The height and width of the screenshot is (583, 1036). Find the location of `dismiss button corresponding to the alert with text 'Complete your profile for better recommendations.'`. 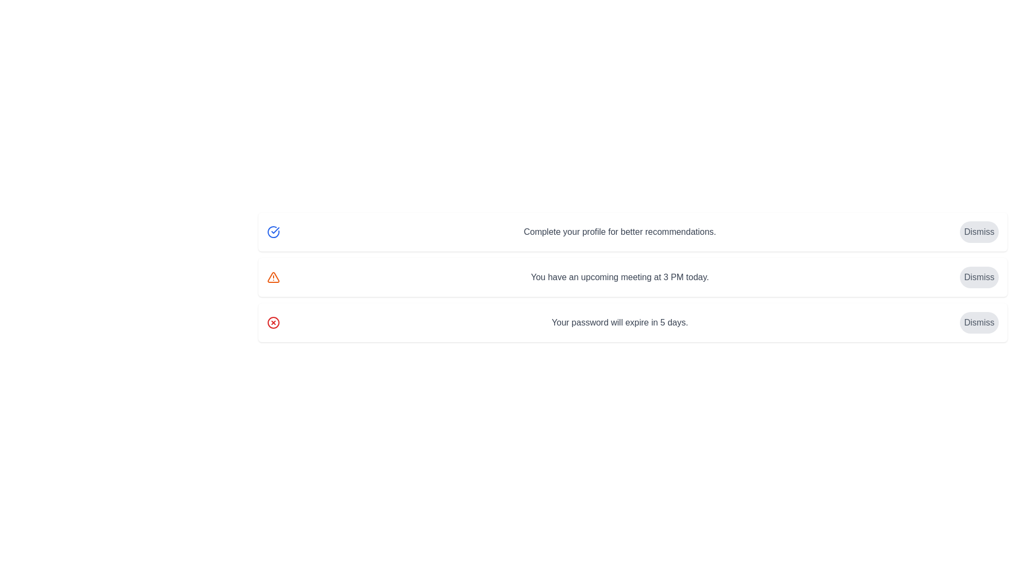

dismiss button corresponding to the alert with text 'Complete your profile for better recommendations.' is located at coordinates (979, 231).